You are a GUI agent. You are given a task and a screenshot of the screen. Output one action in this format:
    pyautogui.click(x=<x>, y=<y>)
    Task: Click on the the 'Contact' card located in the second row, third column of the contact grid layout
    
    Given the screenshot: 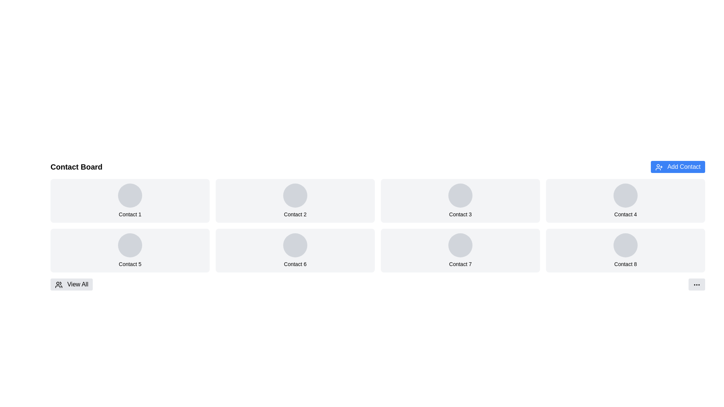 What is the action you would take?
    pyautogui.click(x=460, y=250)
    